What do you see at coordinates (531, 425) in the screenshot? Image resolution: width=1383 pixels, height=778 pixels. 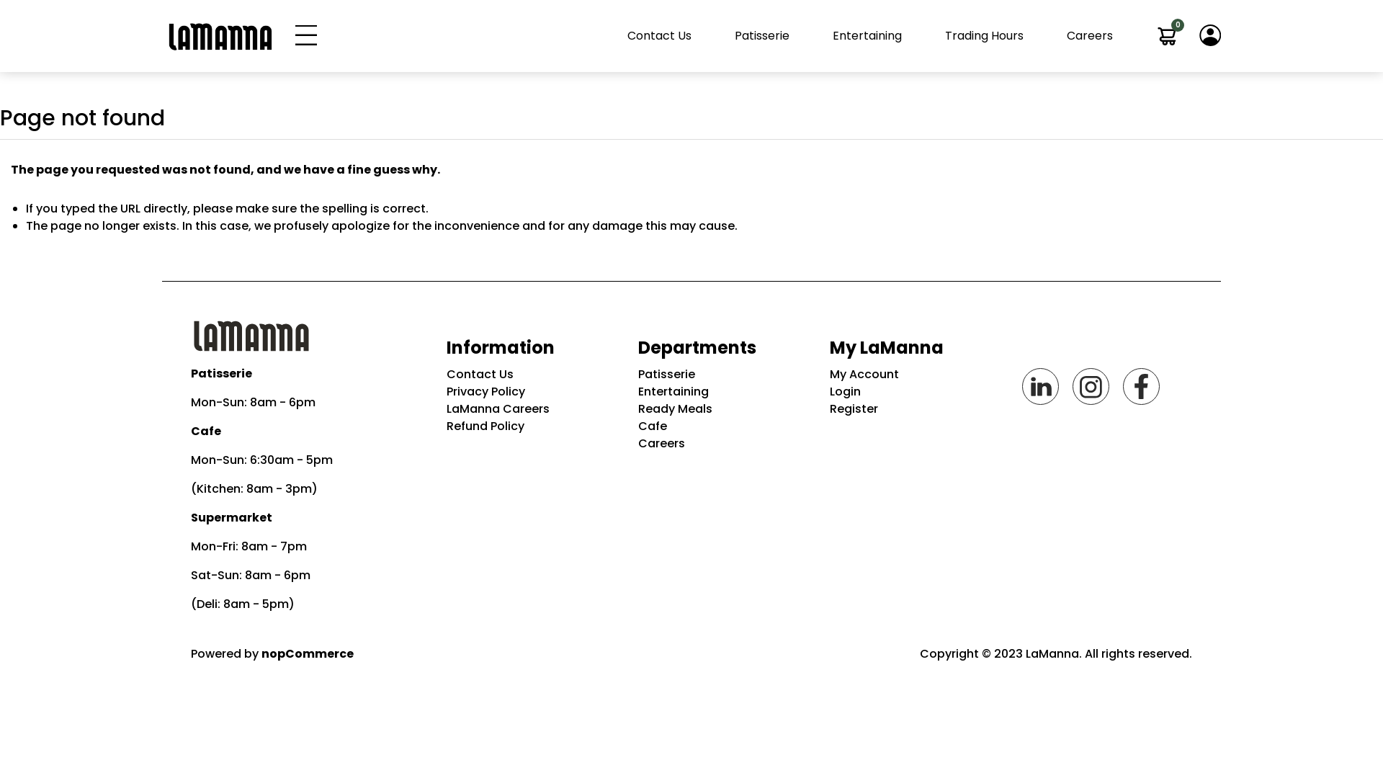 I see `'Refund Policy'` at bounding box center [531, 425].